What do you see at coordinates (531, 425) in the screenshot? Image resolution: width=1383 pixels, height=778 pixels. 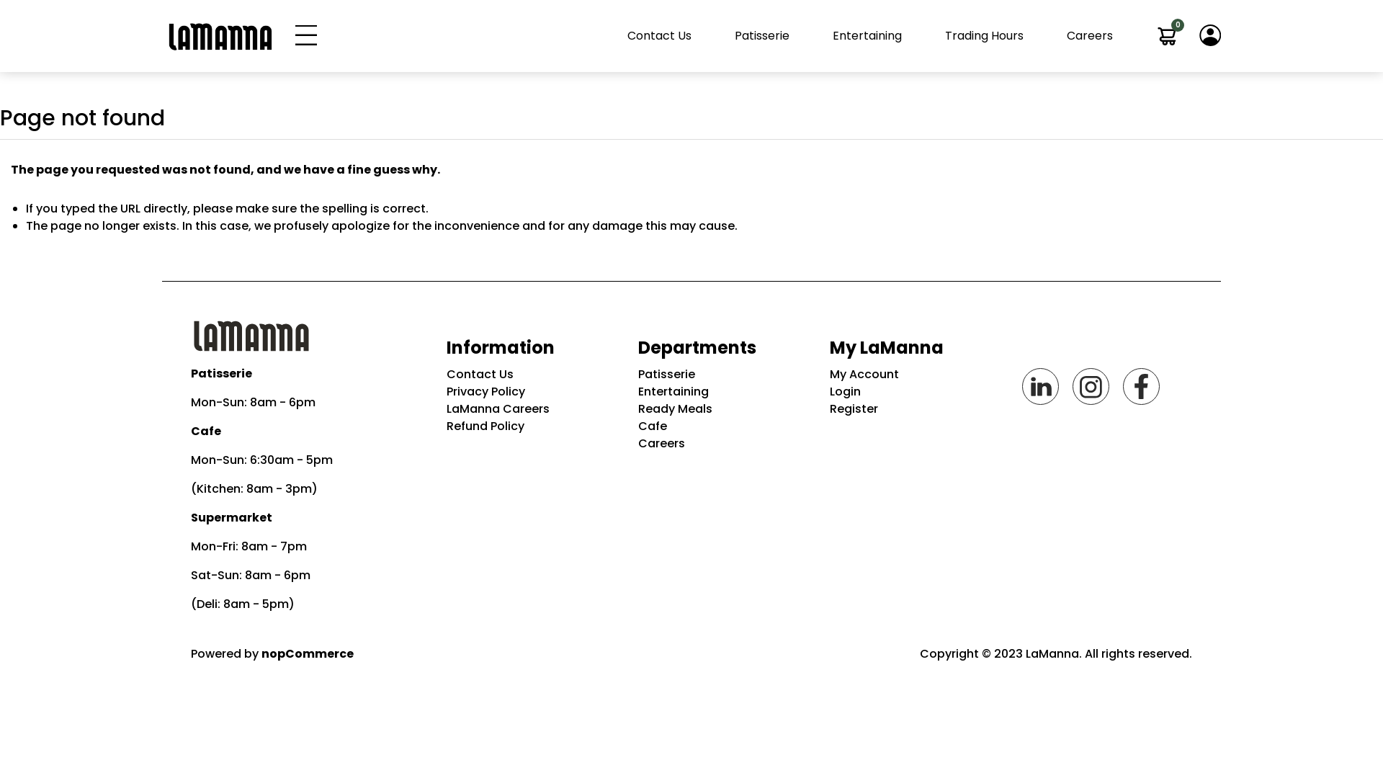 I see `'Refund Policy'` at bounding box center [531, 425].